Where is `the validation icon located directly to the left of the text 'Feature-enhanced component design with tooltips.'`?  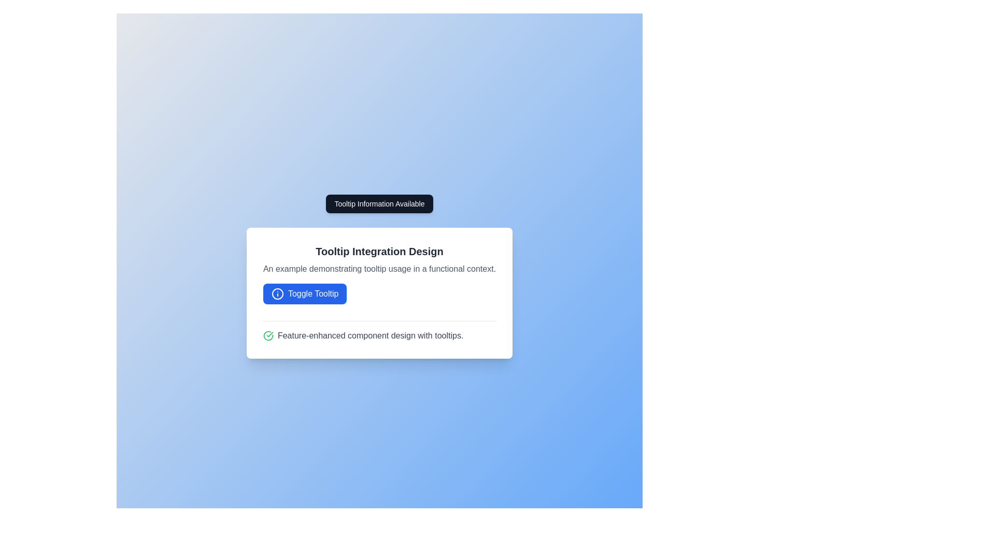 the validation icon located directly to the left of the text 'Feature-enhanced component design with tooltips.' is located at coordinates (268, 335).